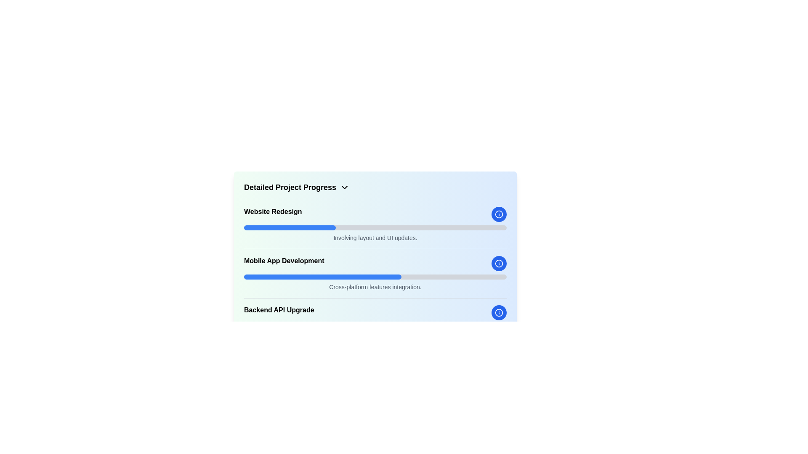  I want to click on the circular information icon with a blue outline located to the right of the progress bar labeled 'Mobile App Development' in the second row of listed projects, so click(499, 214).